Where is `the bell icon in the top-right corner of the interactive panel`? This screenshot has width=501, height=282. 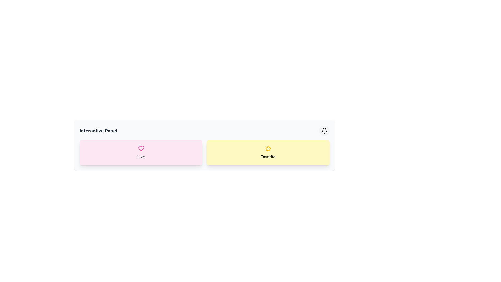
the bell icon in the top-right corner of the interactive panel is located at coordinates (324, 131).